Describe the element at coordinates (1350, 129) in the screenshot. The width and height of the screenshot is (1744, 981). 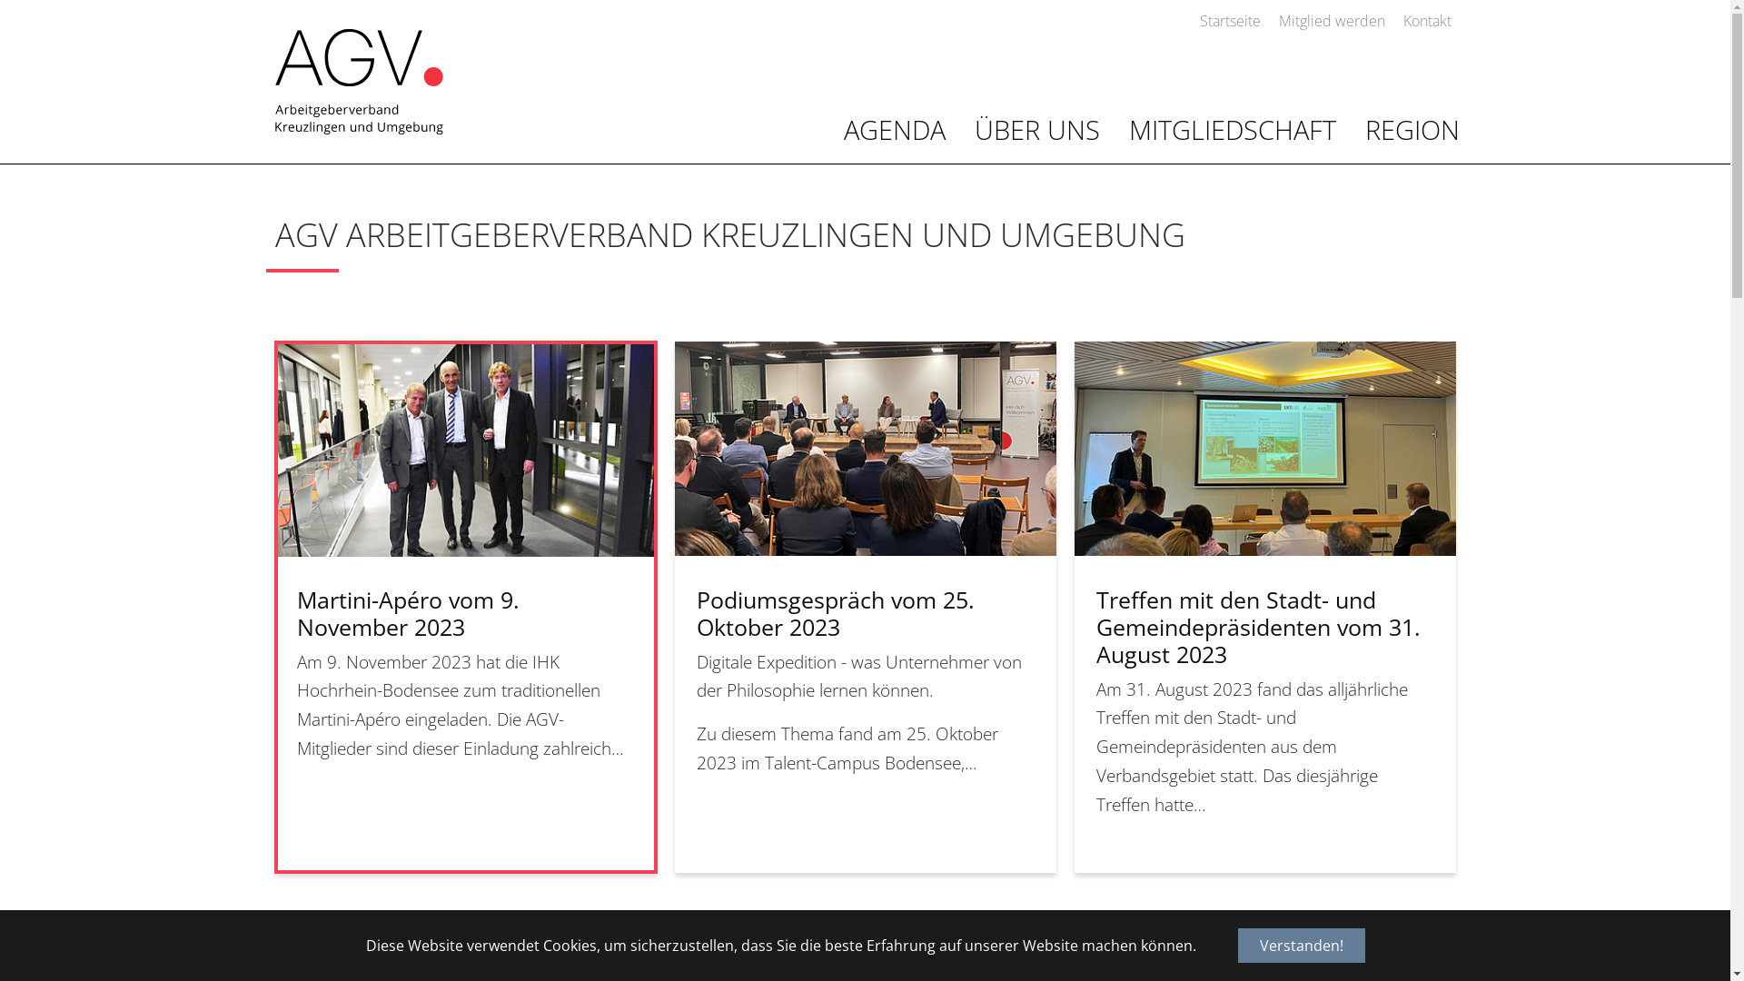
I see `'REGION'` at that location.